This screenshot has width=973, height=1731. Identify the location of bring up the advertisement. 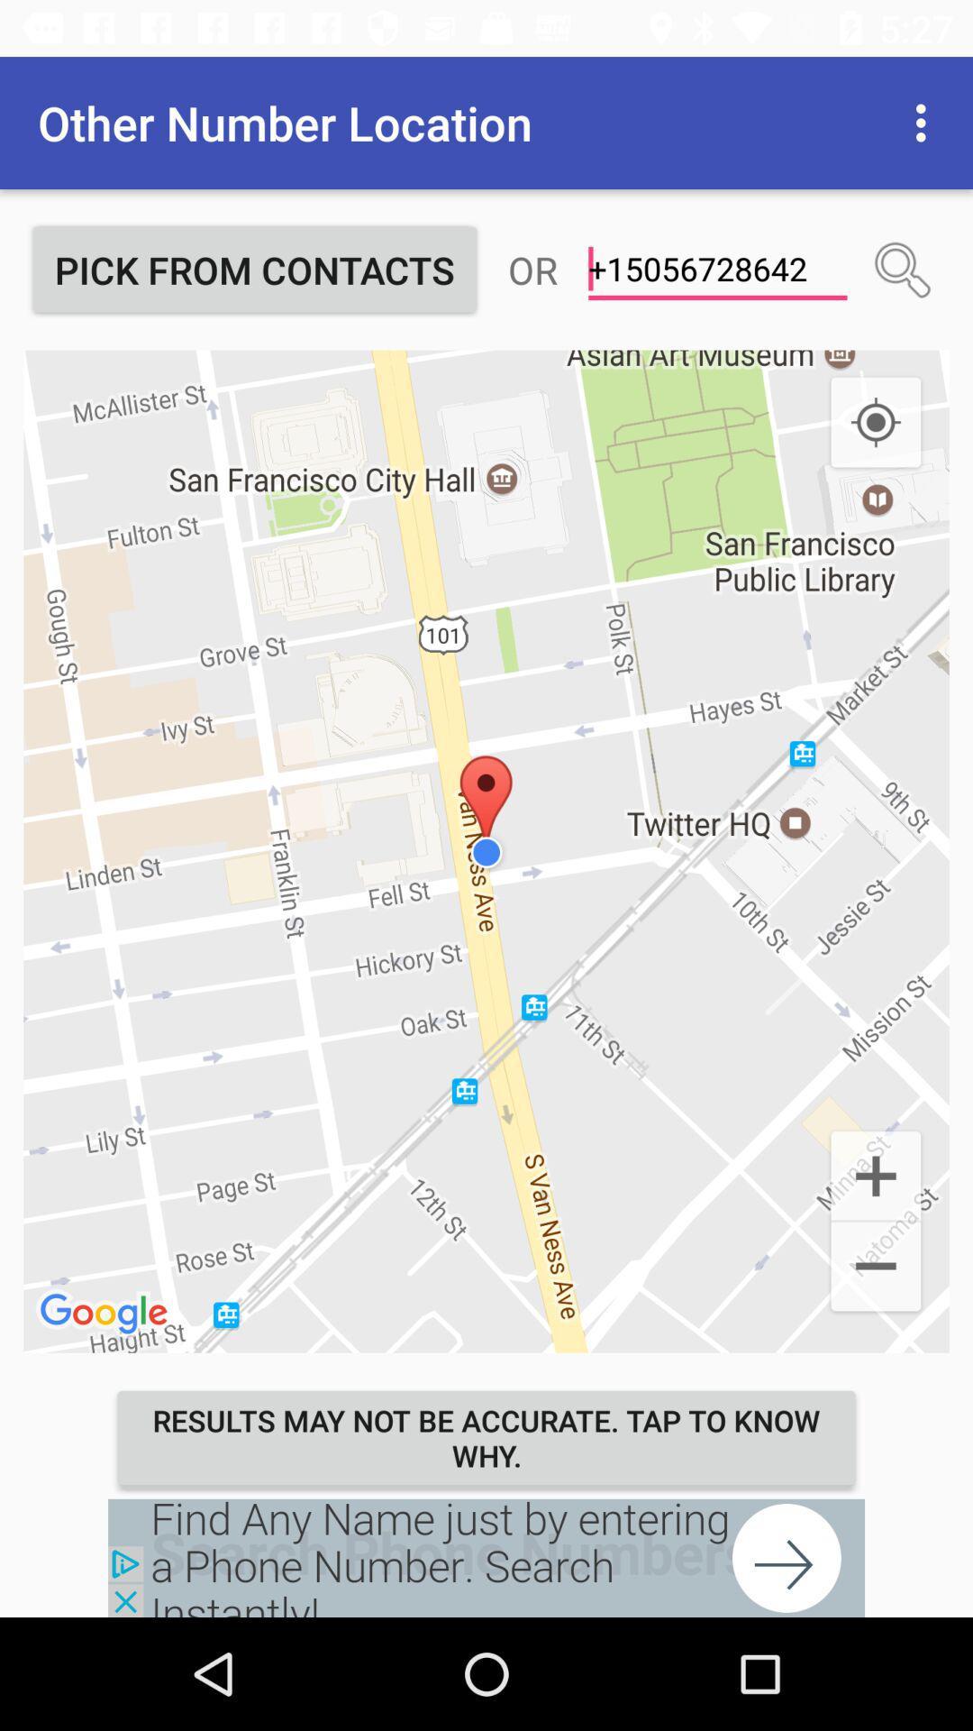
(486, 1557).